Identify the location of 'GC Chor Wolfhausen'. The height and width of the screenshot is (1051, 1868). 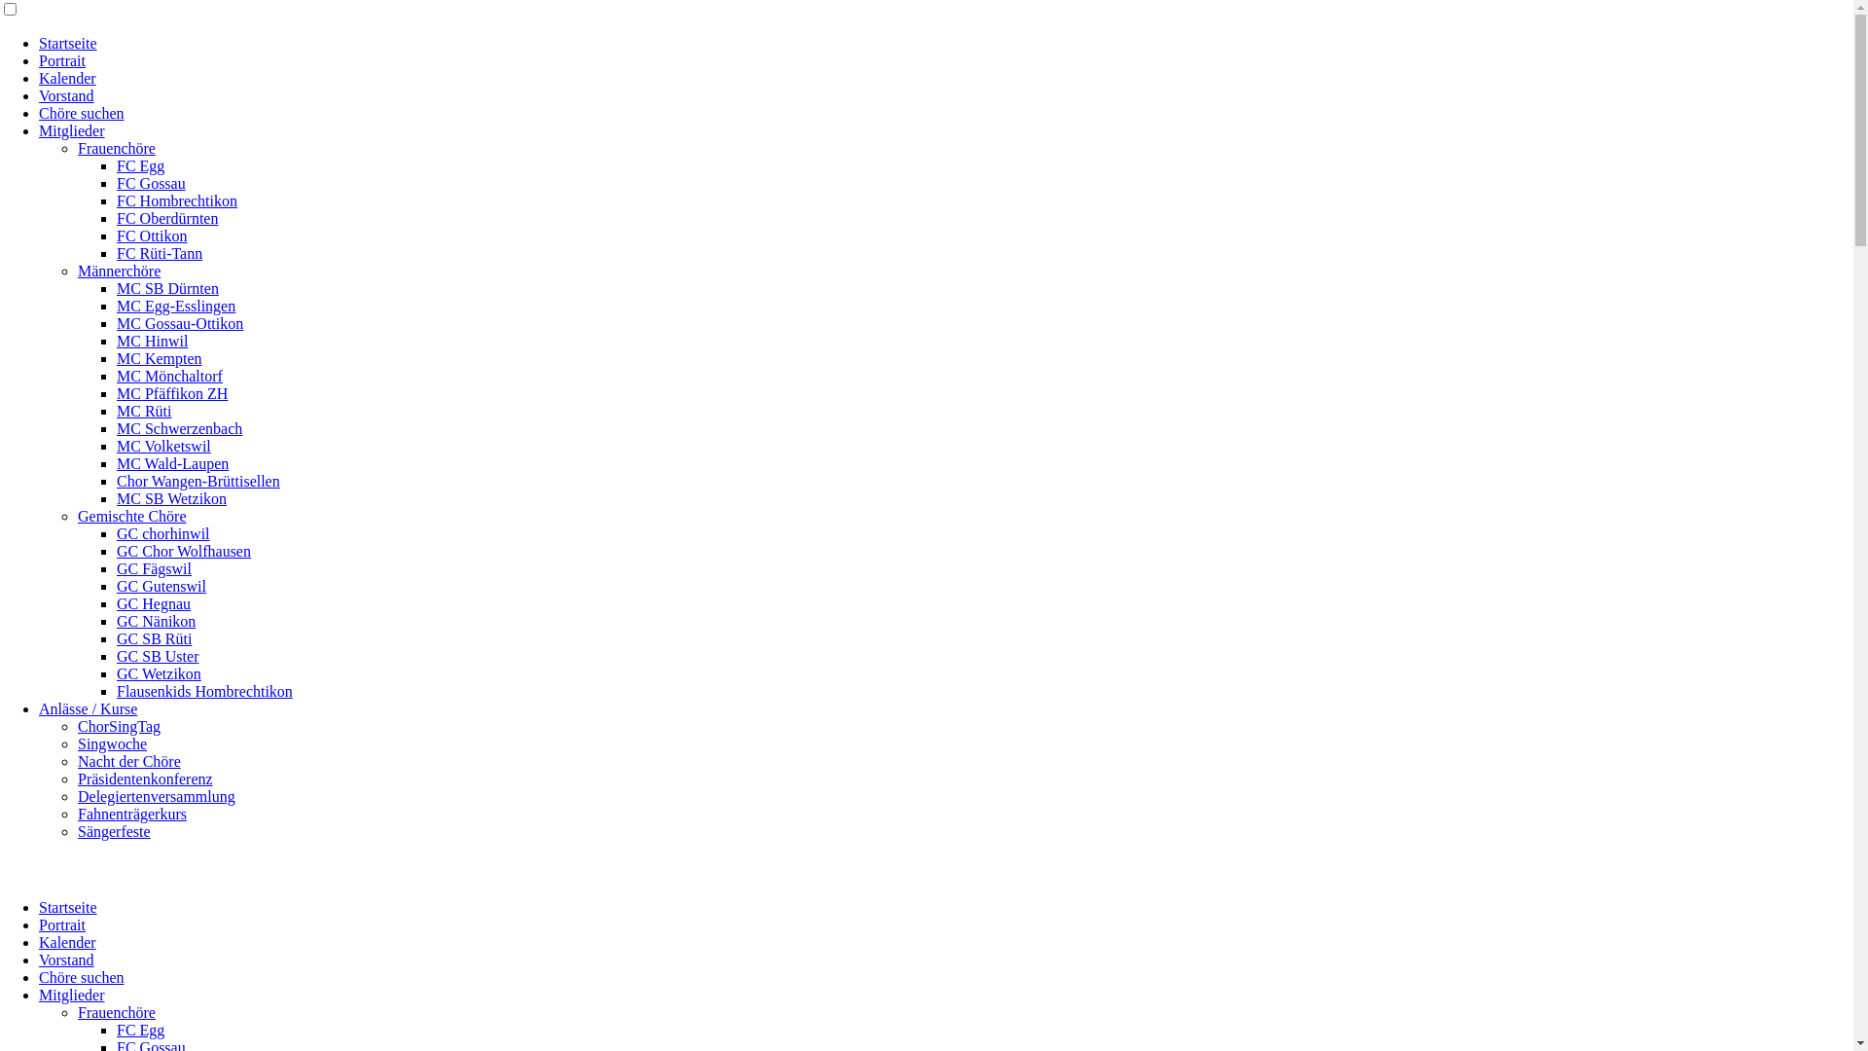
(183, 551).